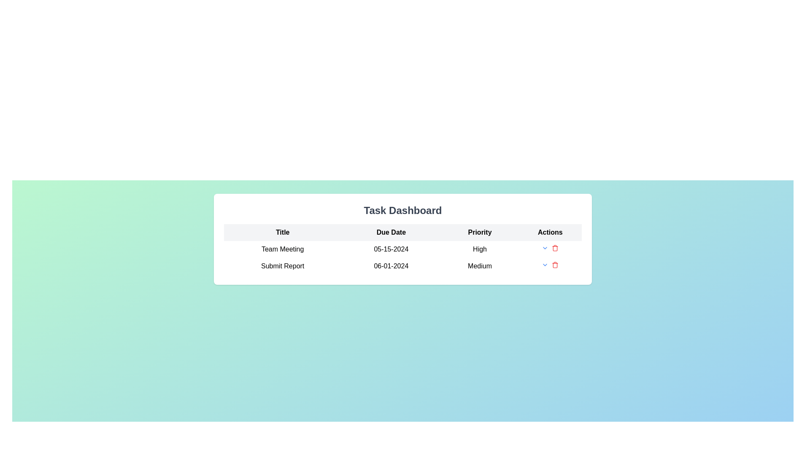 The image size is (810, 455). What do you see at coordinates (391, 232) in the screenshot?
I see `the 'Due Date' text label, which serves as a header for the table column between 'Title' and 'Priority'` at bounding box center [391, 232].